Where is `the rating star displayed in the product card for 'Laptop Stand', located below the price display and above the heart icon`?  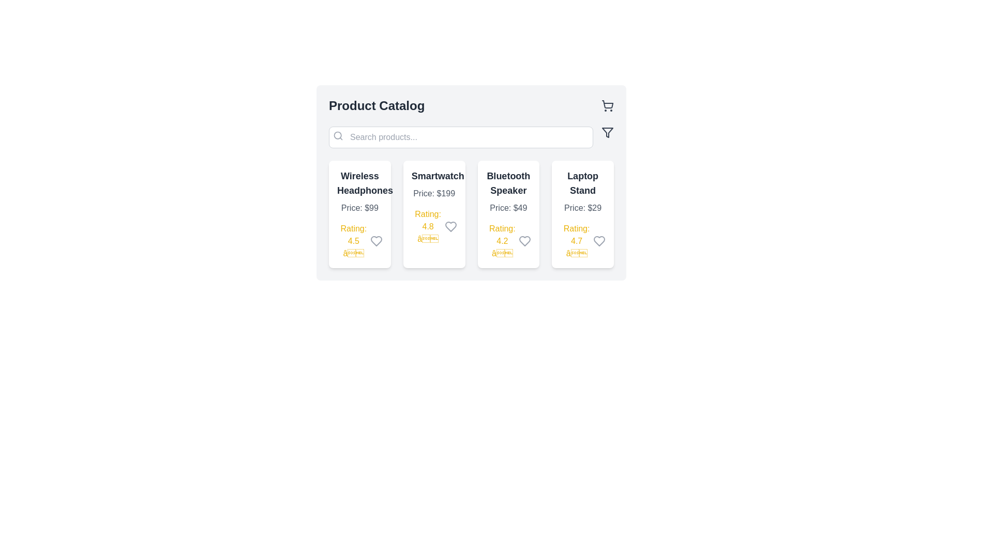 the rating star displayed in the product card for 'Laptop Stand', located below the price display and above the heart icon is located at coordinates (583, 241).